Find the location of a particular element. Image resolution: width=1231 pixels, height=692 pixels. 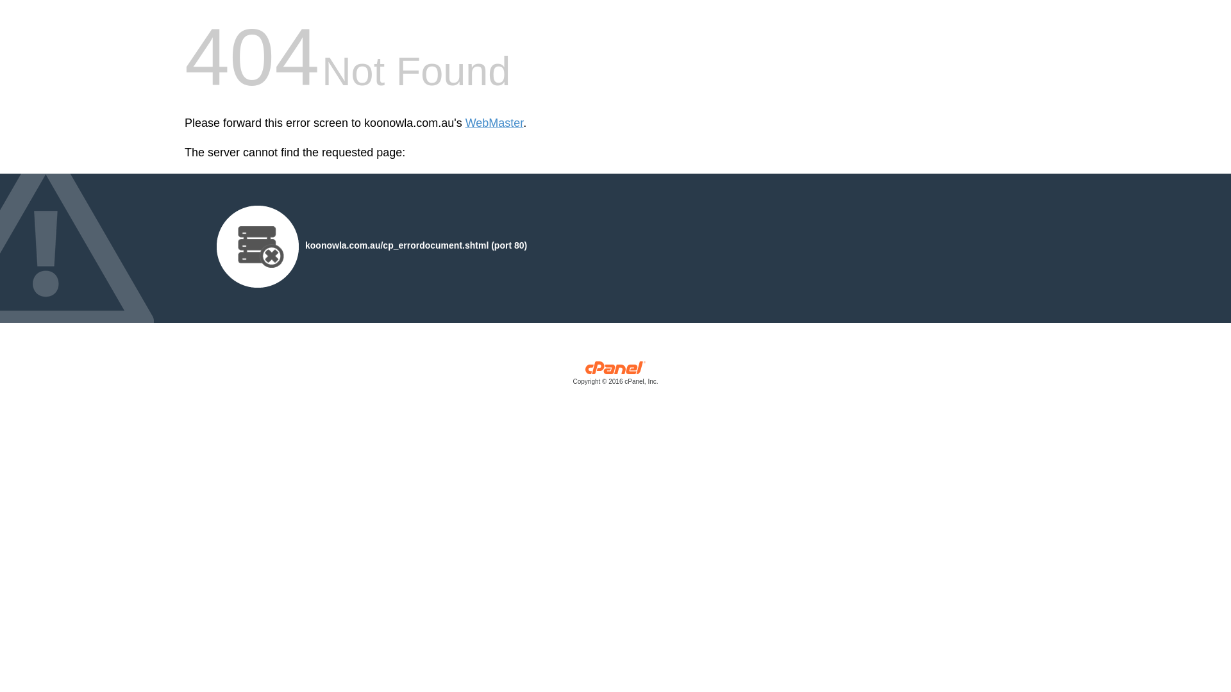

'WebMaster' is located at coordinates (464, 123).